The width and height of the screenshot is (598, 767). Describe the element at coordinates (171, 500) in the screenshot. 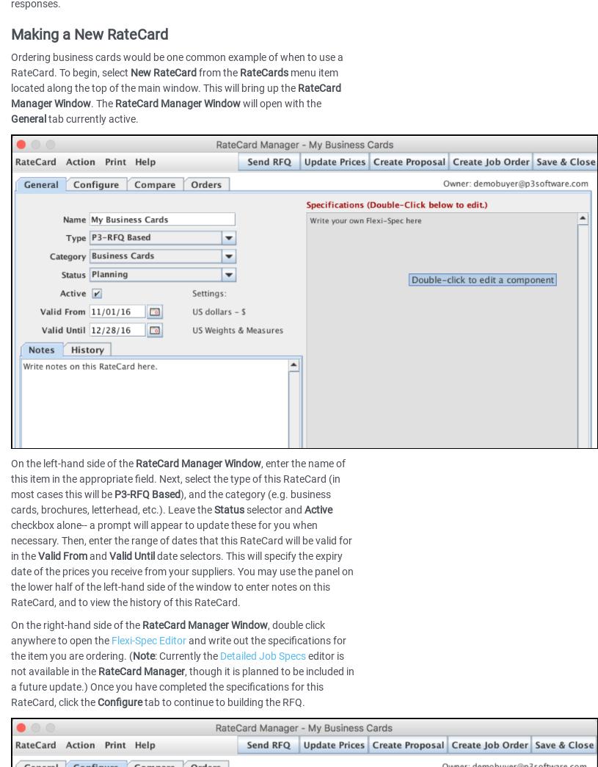

I see `'), and the category (e.g. business cards, brochures, letterhead, etc.). Leave the'` at that location.